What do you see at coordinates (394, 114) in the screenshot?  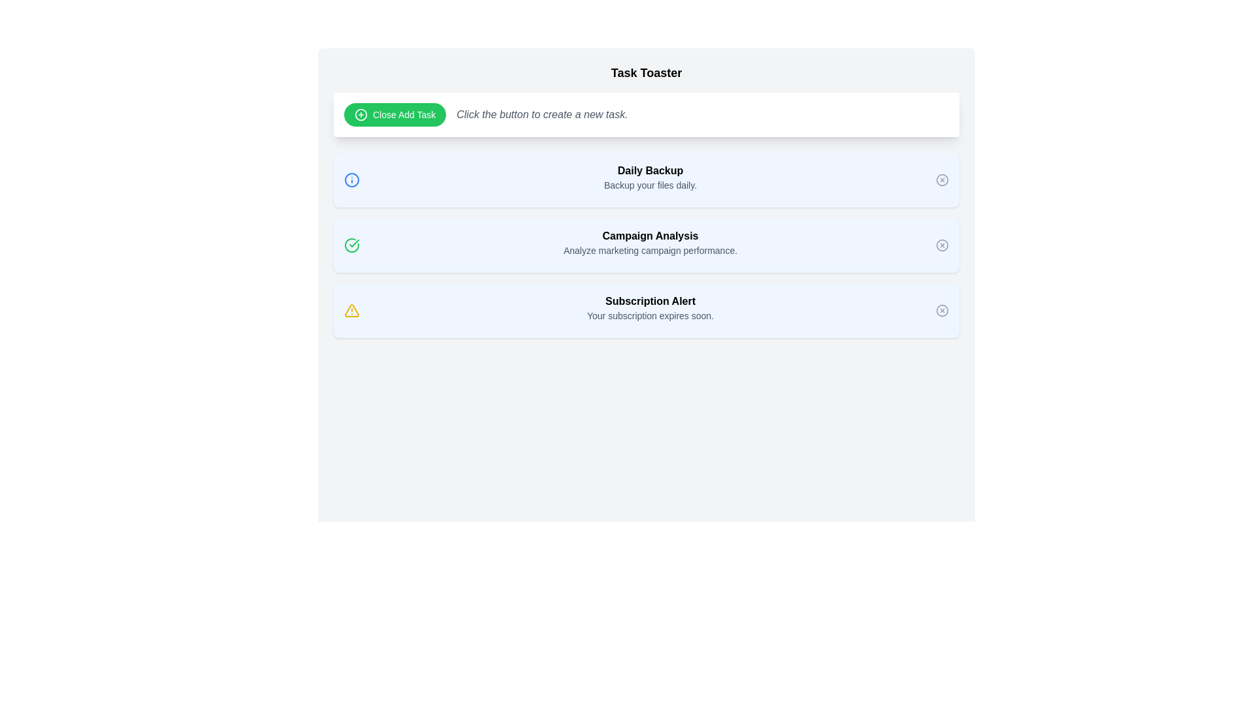 I see `the button in the top-left section of the white card labeled 'Click the button to create a new task'` at bounding box center [394, 114].